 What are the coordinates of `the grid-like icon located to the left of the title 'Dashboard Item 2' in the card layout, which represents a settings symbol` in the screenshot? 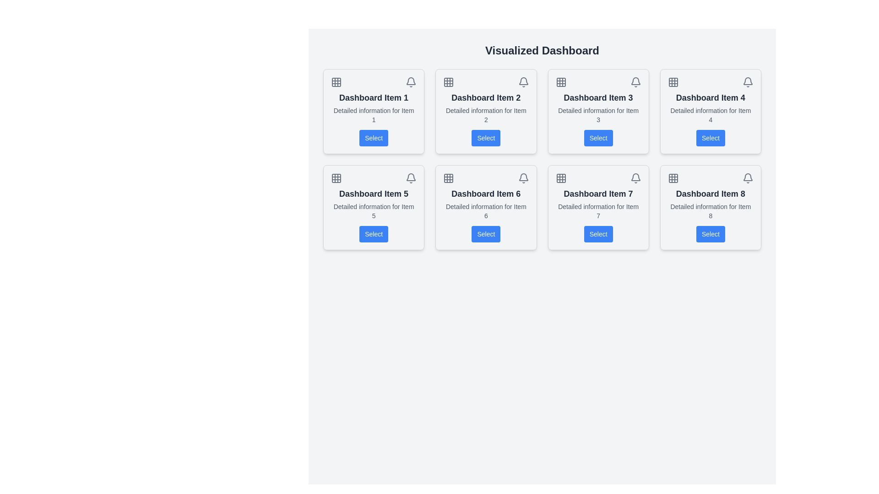 It's located at (449, 82).